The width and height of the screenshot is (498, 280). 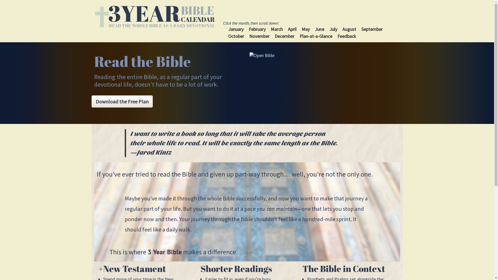 I want to click on 'November', so click(x=259, y=36).